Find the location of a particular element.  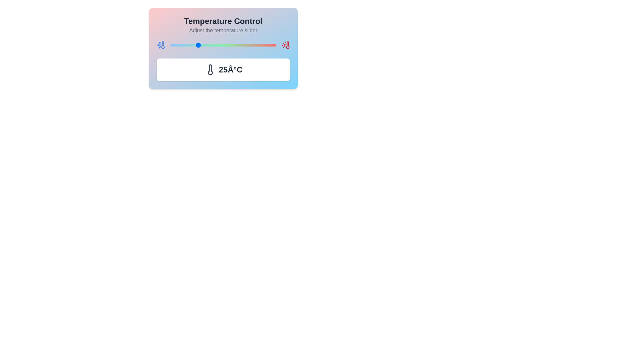

the thermometer icon on the right side of the slider is located at coordinates (286, 45).